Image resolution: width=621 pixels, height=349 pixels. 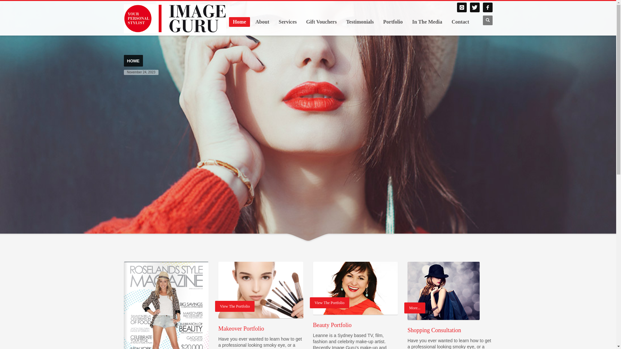 What do you see at coordinates (239, 22) in the screenshot?
I see `'Home'` at bounding box center [239, 22].